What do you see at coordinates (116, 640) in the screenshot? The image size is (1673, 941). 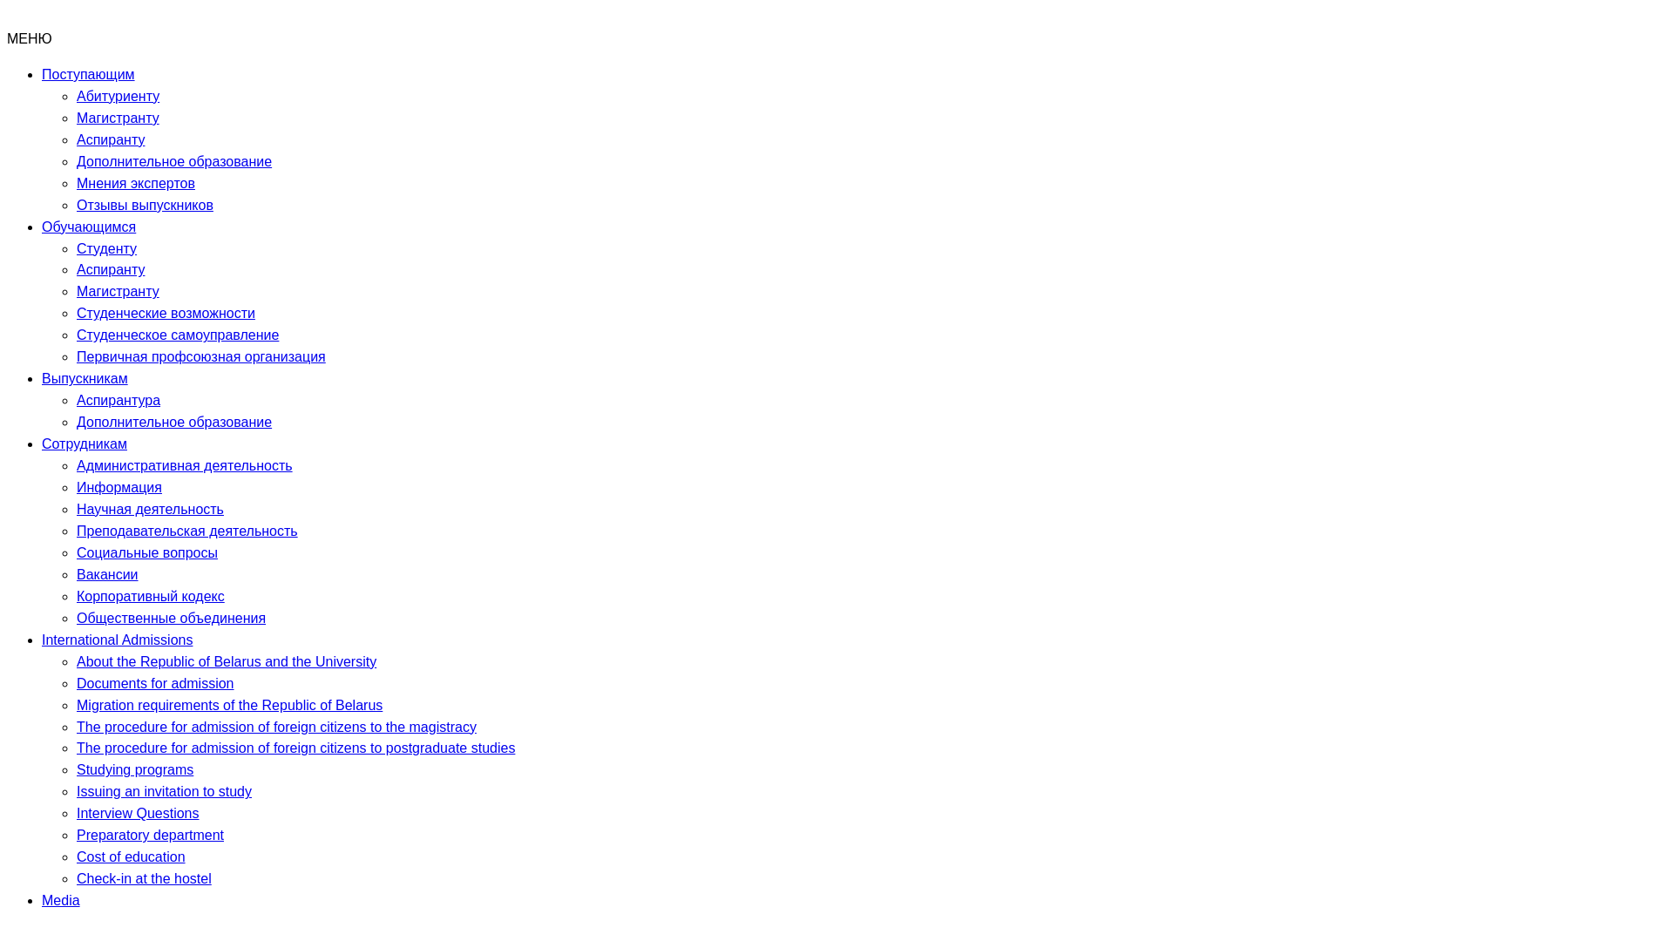 I see `'International Admissions'` at bounding box center [116, 640].